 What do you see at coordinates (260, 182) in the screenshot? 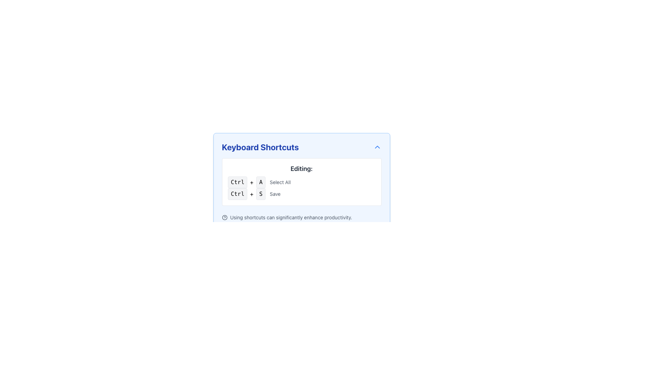
I see `the 'A' key button in the keyboard shortcut representation for 'Ctrl + A' located in the 'Editing' section of the UI` at bounding box center [260, 182].